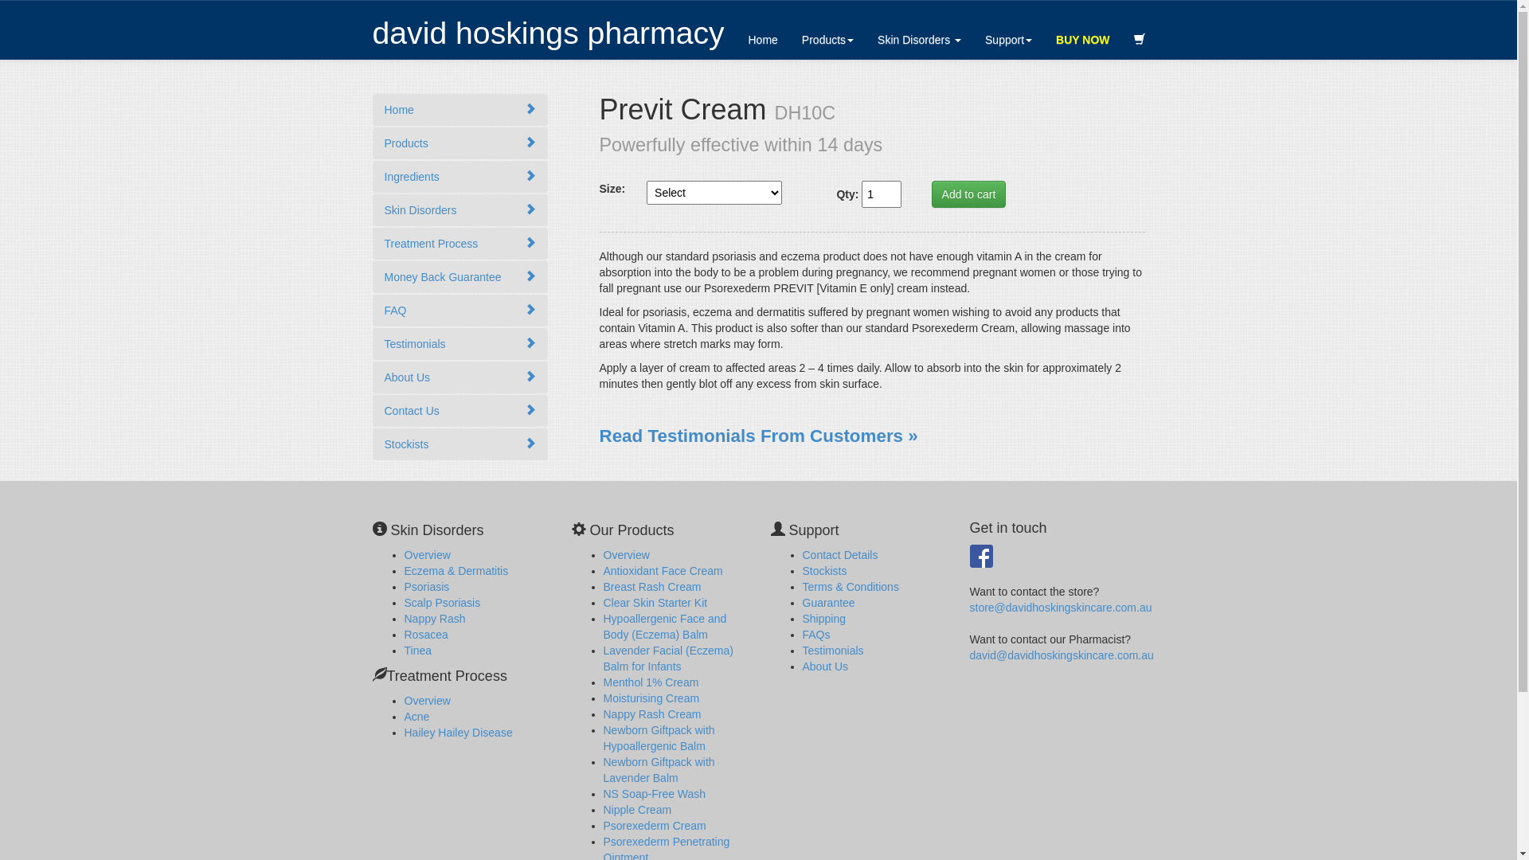 The width and height of the screenshot is (1529, 860). I want to click on 'Menthol 1% Cream', so click(603, 681).